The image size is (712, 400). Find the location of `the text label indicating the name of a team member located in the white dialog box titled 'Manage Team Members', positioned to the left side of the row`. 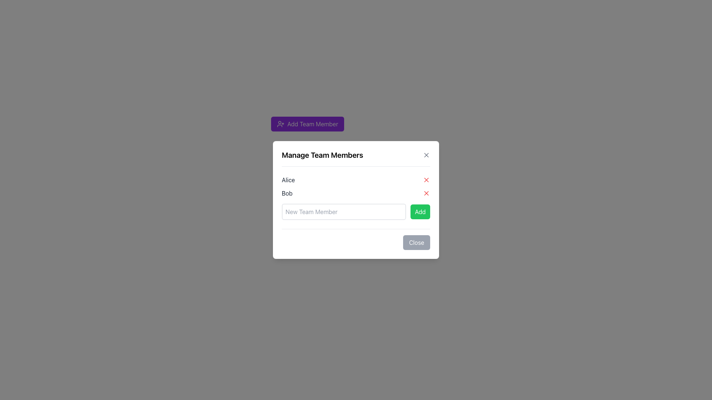

the text label indicating the name of a team member located in the white dialog box titled 'Manage Team Members', positioned to the left side of the row is located at coordinates (288, 180).